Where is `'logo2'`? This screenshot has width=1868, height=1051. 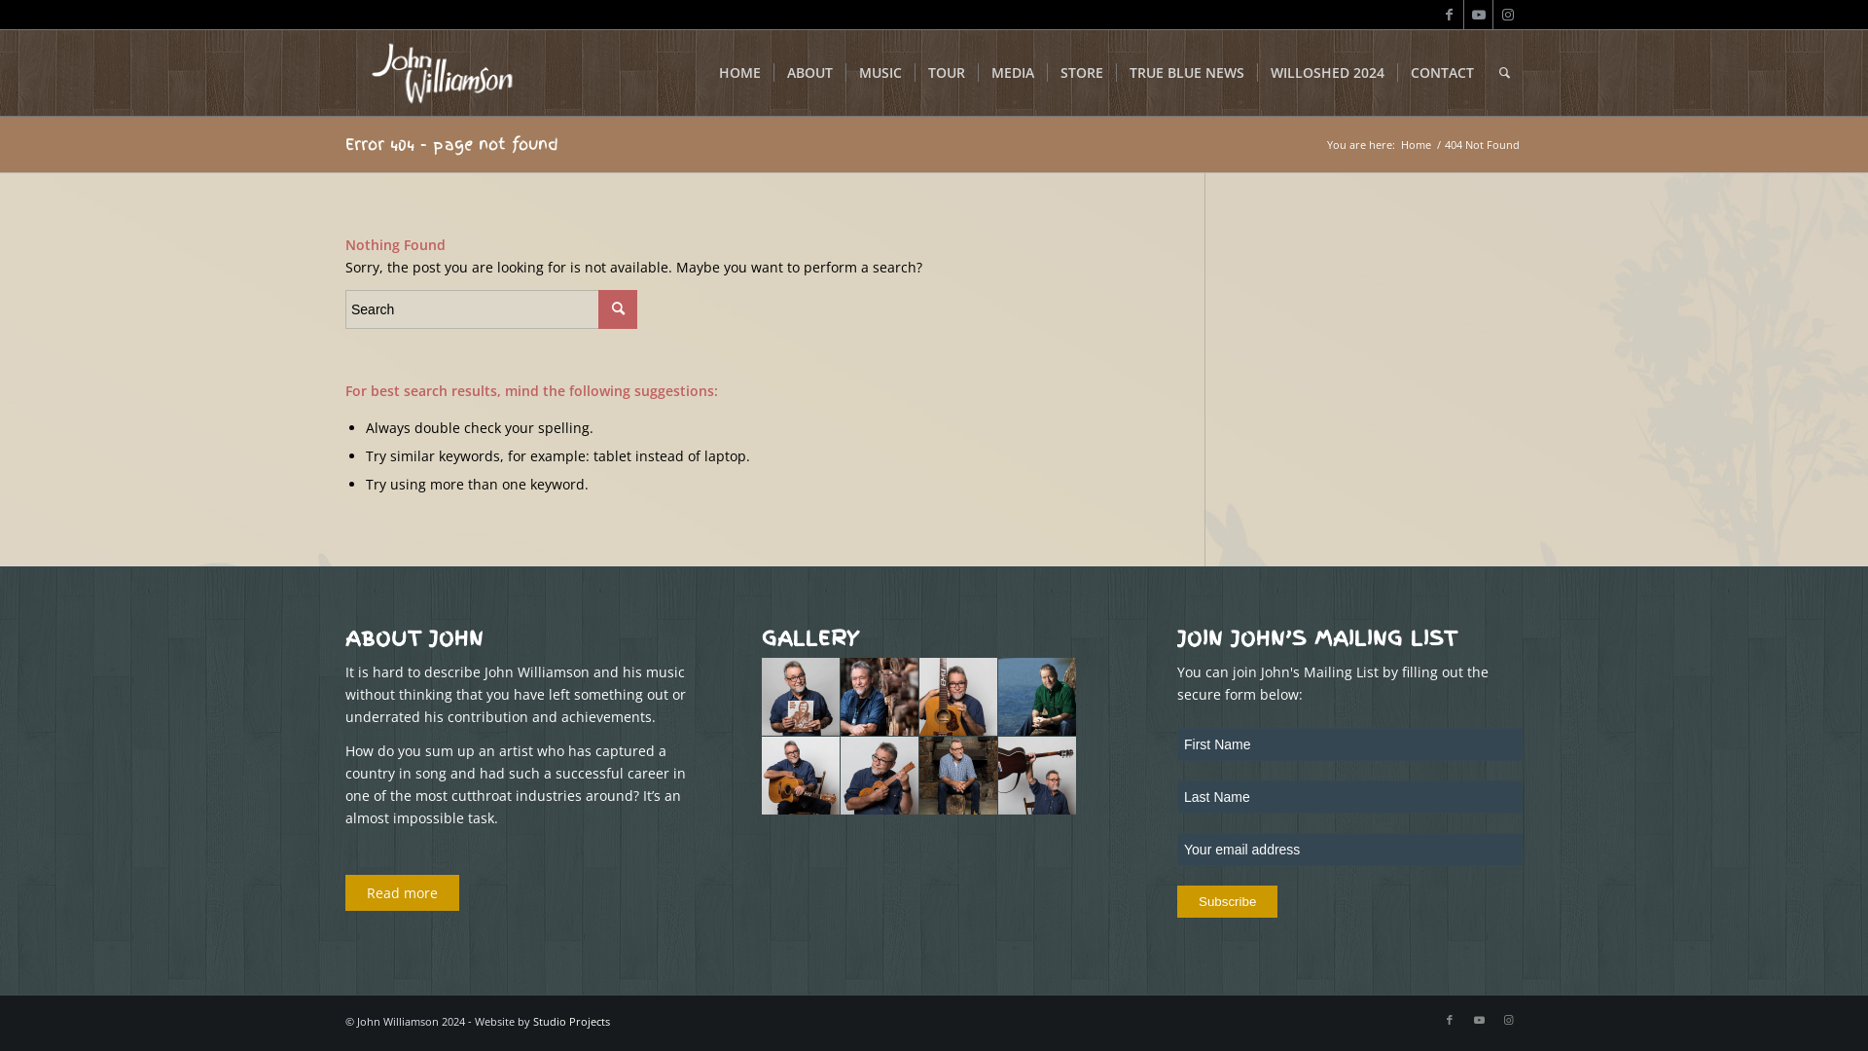
'logo2' is located at coordinates (345, 71).